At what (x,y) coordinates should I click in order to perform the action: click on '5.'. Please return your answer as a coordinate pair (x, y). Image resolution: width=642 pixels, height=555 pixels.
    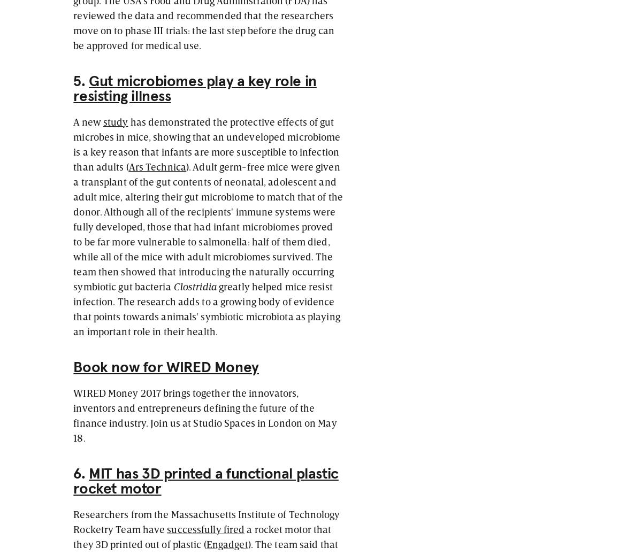
    Looking at the image, I should click on (80, 80).